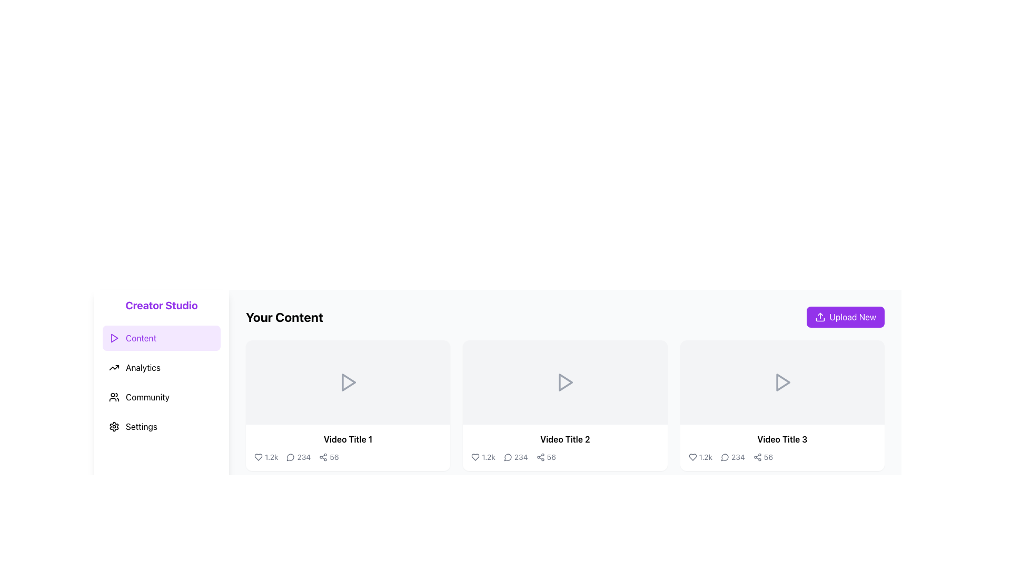 The width and height of the screenshot is (1011, 569). Describe the element at coordinates (143, 367) in the screenshot. I see `the 'Analytics' text link in the navigation menu for keyboard navigation` at that location.